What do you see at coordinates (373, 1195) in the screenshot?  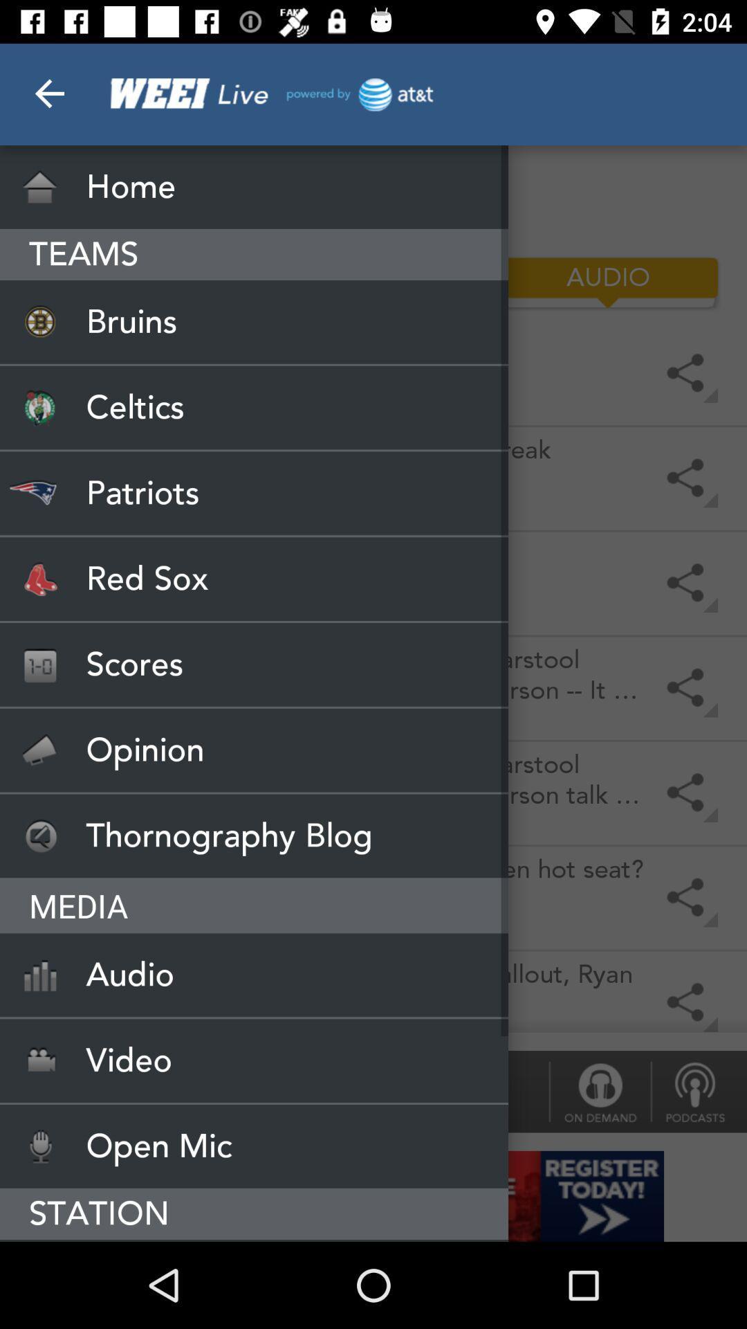 I see `register` at bounding box center [373, 1195].